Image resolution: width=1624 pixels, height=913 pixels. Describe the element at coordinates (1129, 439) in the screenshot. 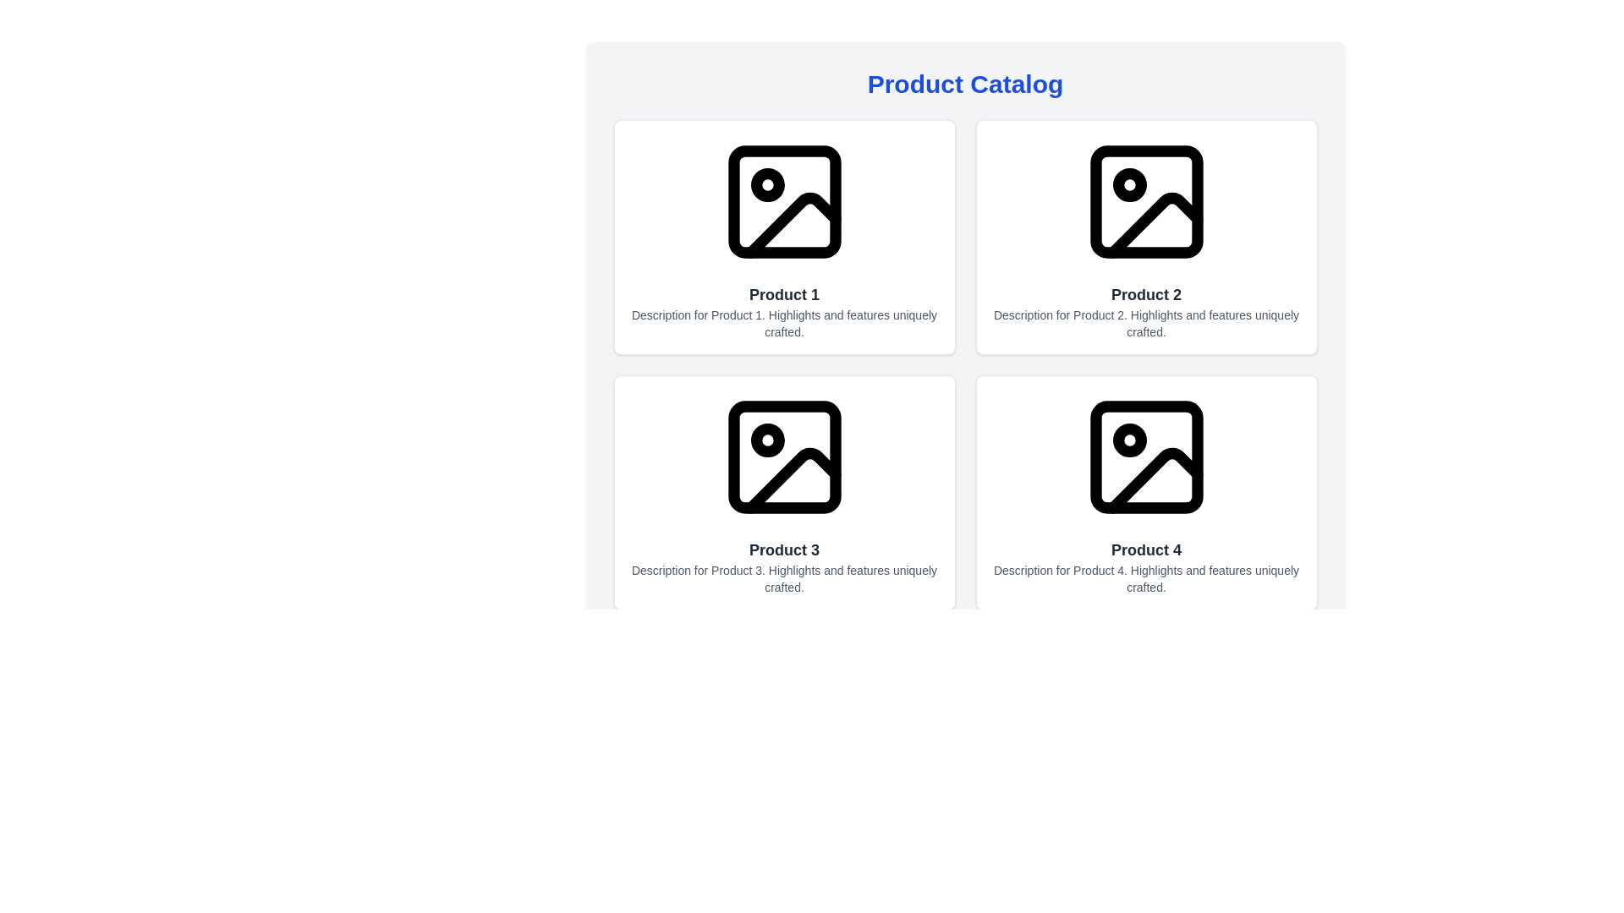

I see `the decorative circular marker located in the upper-left section of the image icon for 'Product 4'` at that location.